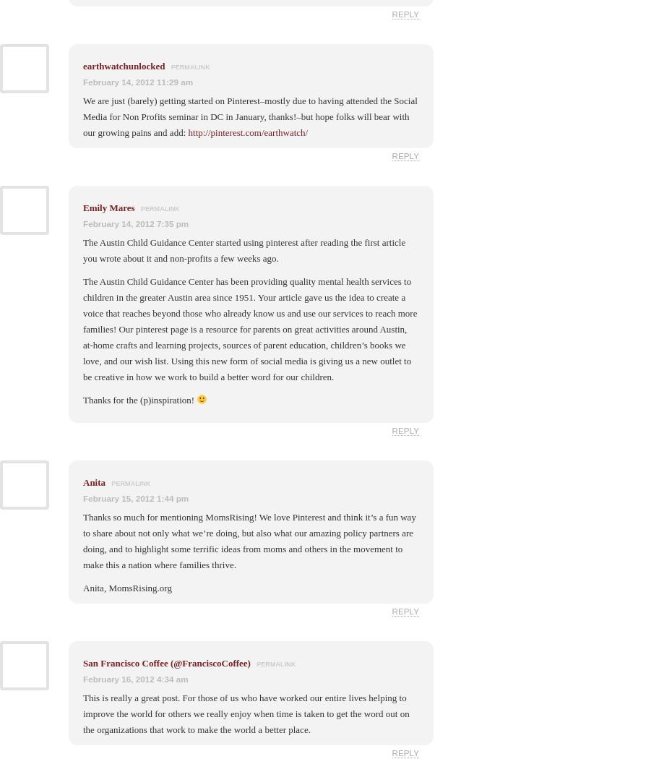 This screenshot has height=759, width=672. I want to click on 'Thanks so much for mentioning MomsRising! We love Pinterest and think it’s a fun way to share about not only what we’re doing, but also what our amazing policy partners are doing, and to highlight some terrific ideas from moms and others in the movement to make this a nation where families thrive.', so click(249, 539).